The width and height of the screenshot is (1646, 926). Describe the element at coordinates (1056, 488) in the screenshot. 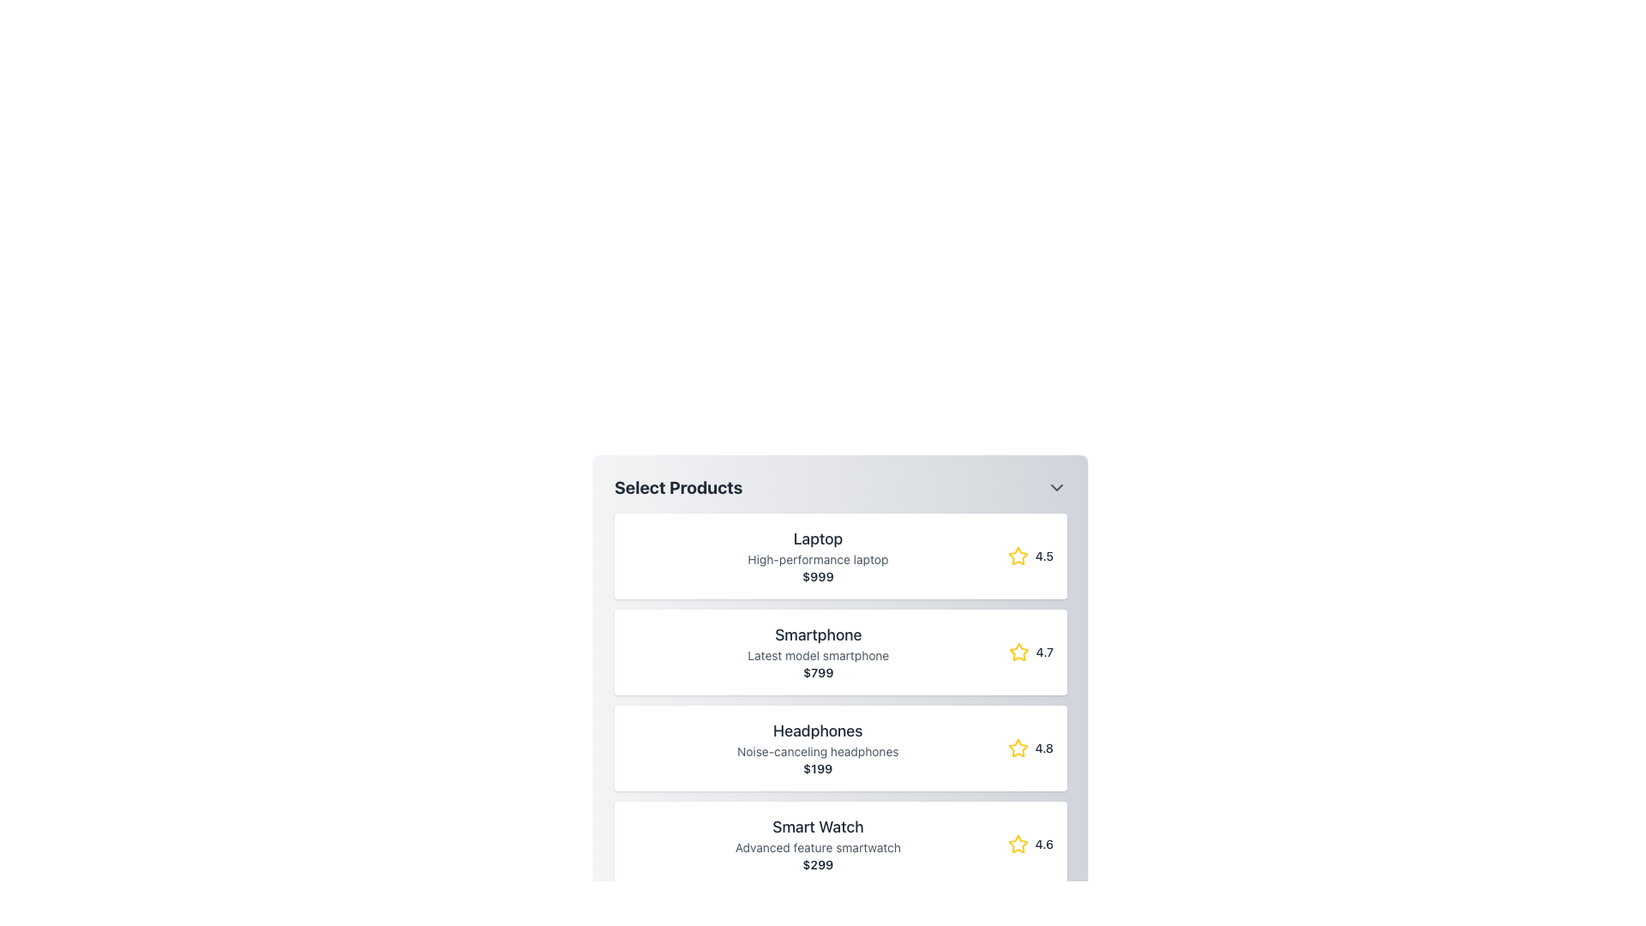

I see `the downward-pointing chevron icon styled in gray, located on the right side of the header labeled 'Select Products'` at that location.